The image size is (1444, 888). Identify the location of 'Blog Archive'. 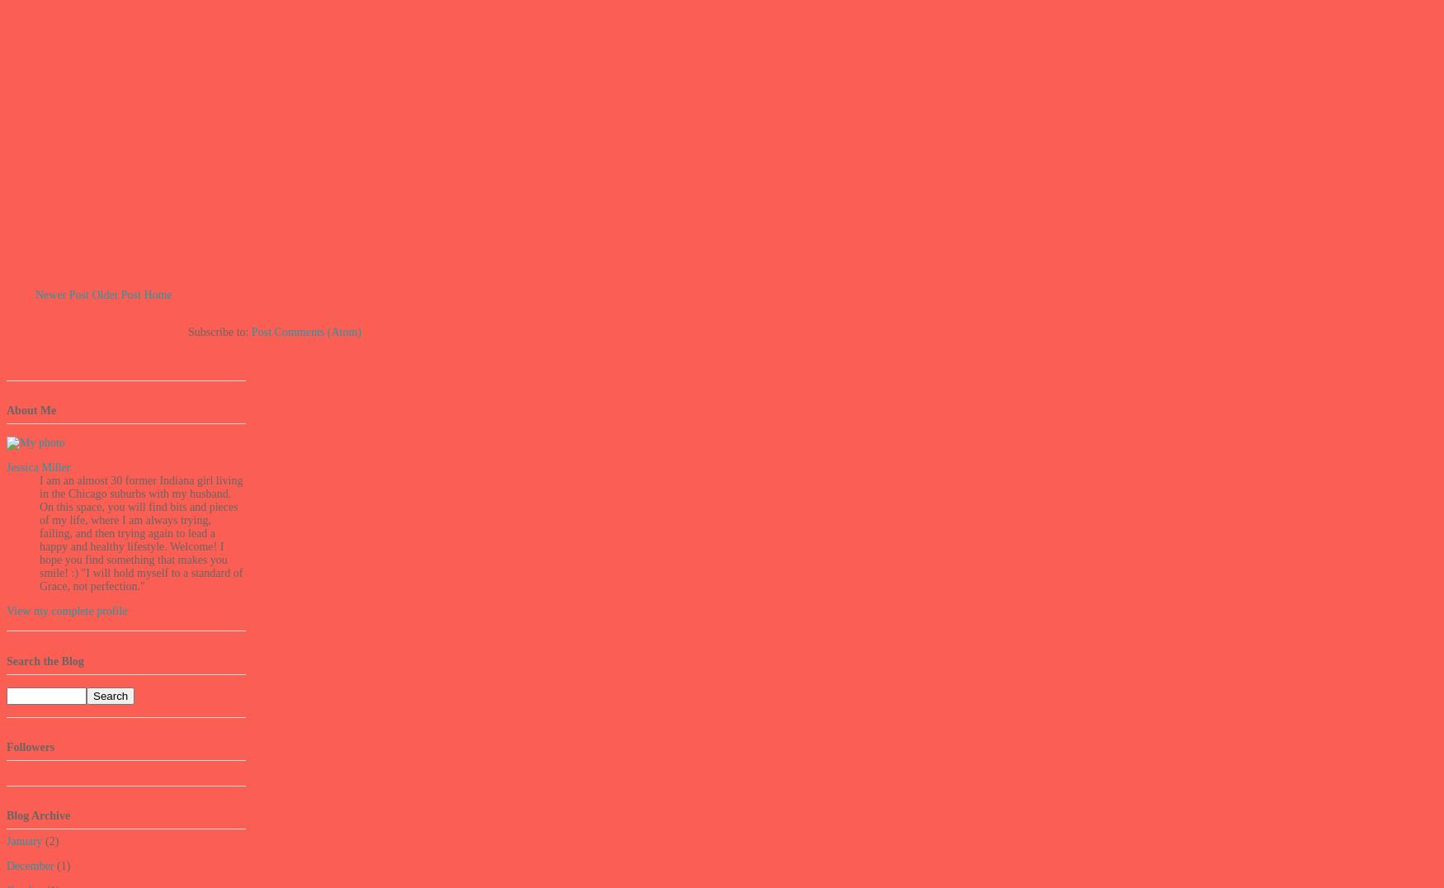
(6, 815).